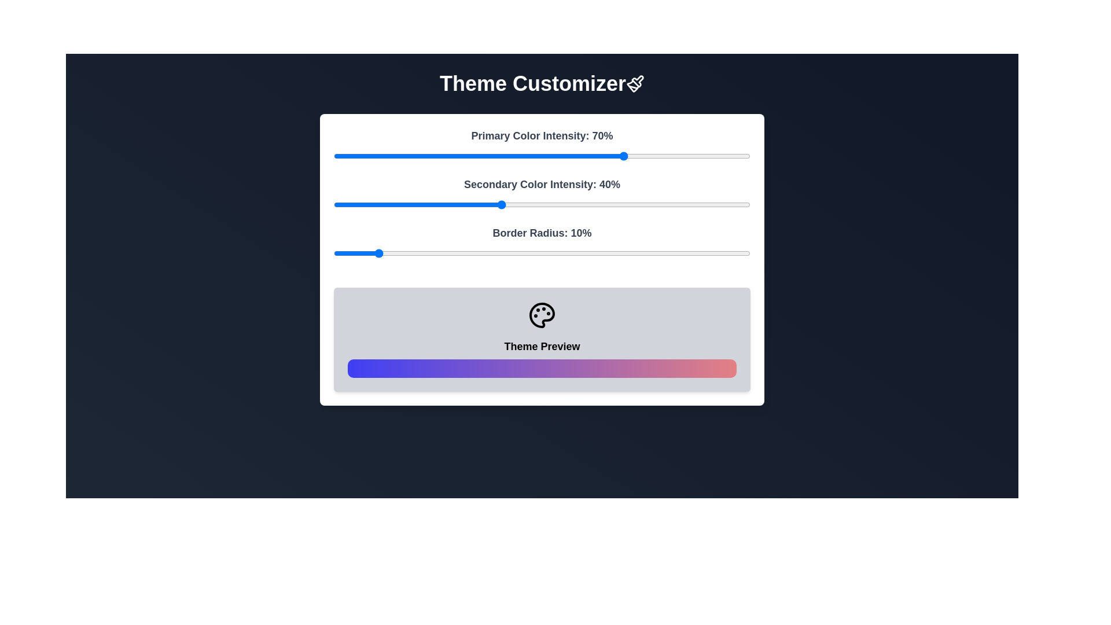 The width and height of the screenshot is (1111, 625). Describe the element at coordinates (579, 253) in the screenshot. I see `the Border Radius slider to 59%` at that location.